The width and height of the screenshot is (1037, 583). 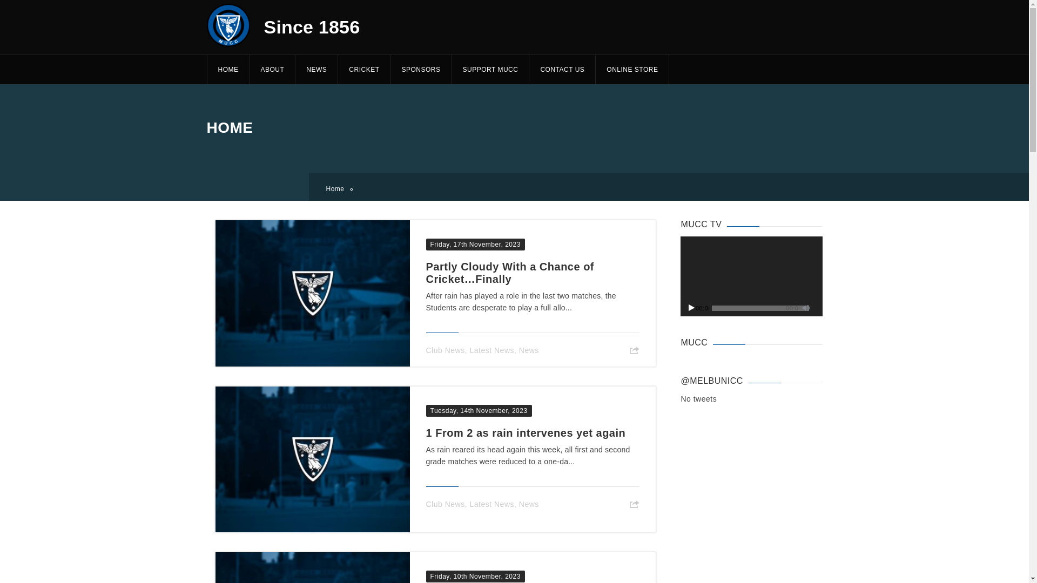 I want to click on 'Latest News', so click(x=491, y=504).